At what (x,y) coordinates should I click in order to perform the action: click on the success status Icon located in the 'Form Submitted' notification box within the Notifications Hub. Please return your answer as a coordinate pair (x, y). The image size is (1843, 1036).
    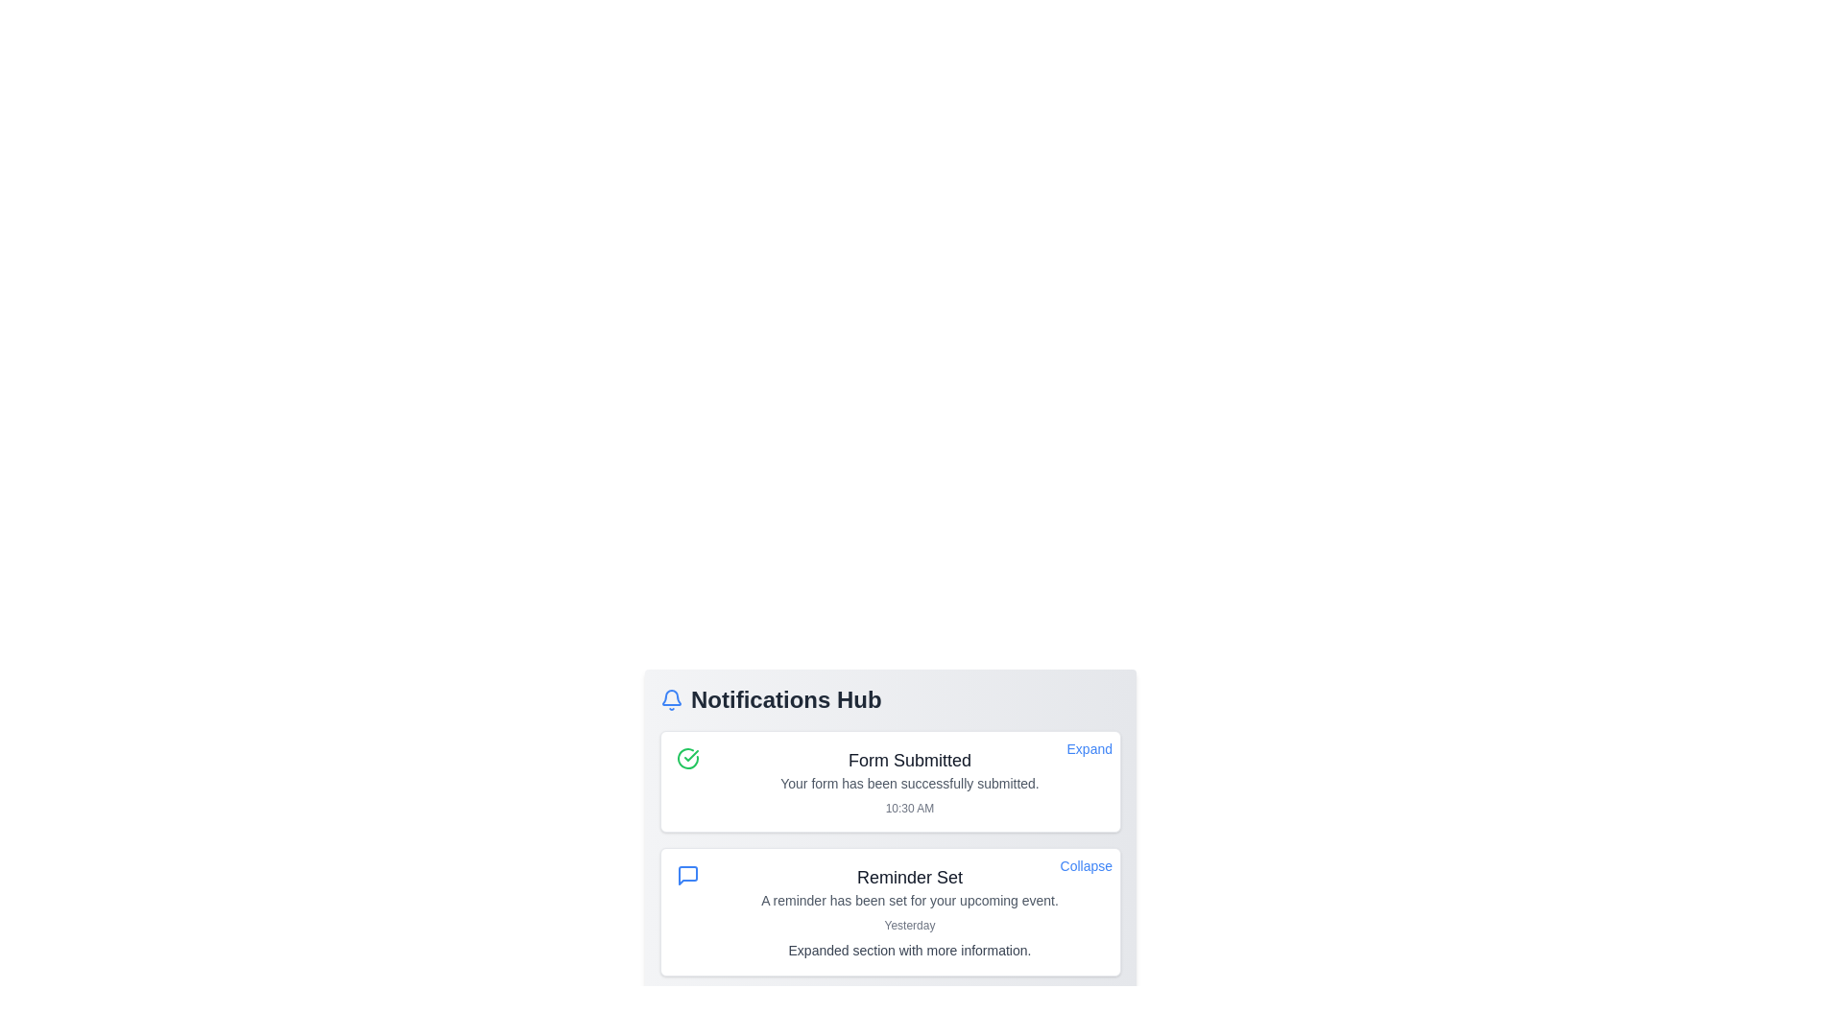
    Looking at the image, I should click on (687, 757).